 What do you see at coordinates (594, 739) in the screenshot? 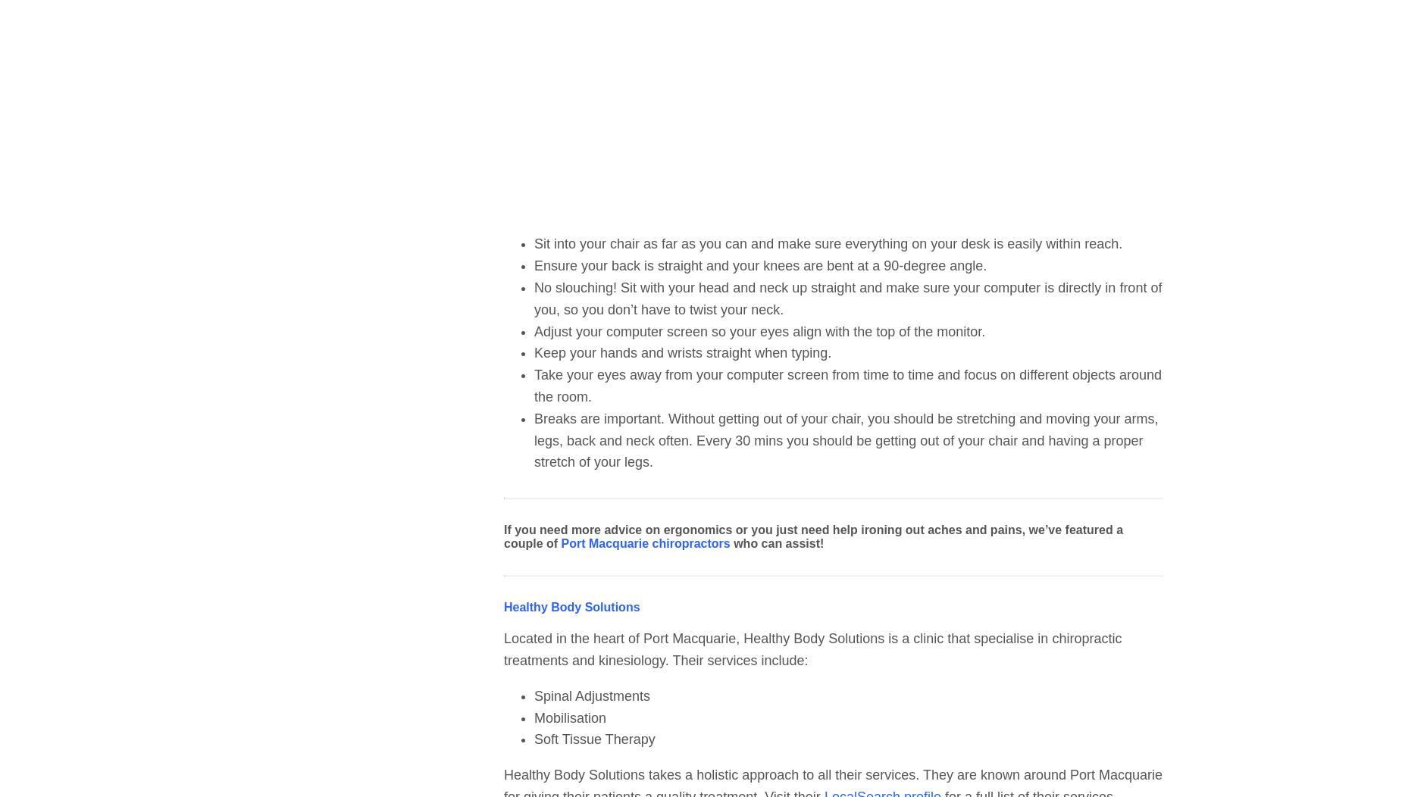
I see `'Soft Tissue Therapy'` at bounding box center [594, 739].